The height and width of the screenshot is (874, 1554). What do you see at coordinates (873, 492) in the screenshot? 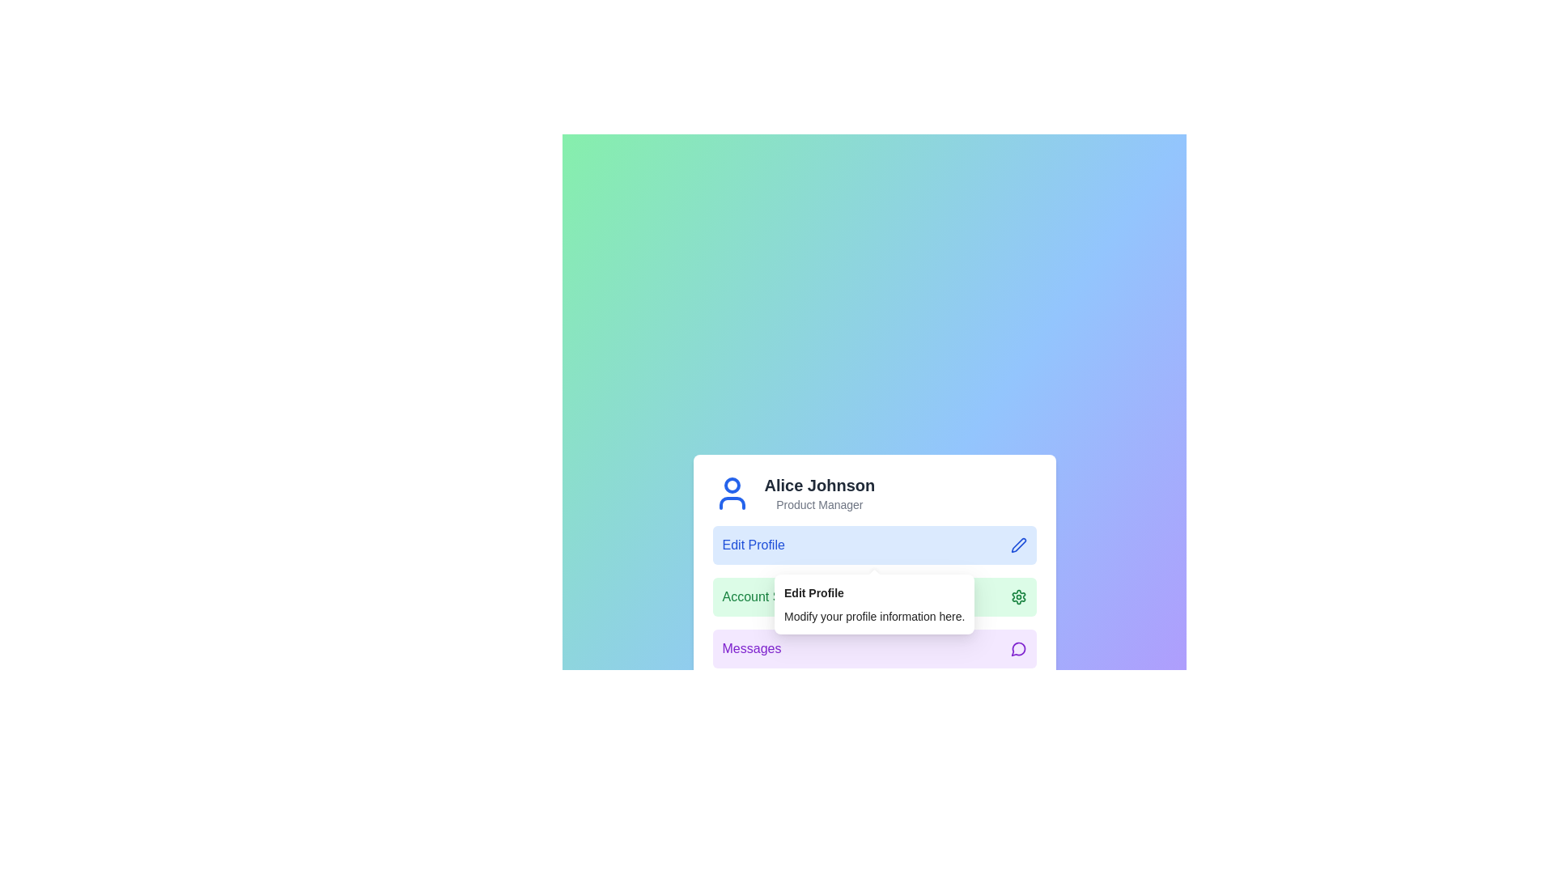
I see `user identification component that includes a profile avatar icon and textual information, located above the 'Edit Profile' button` at bounding box center [873, 492].